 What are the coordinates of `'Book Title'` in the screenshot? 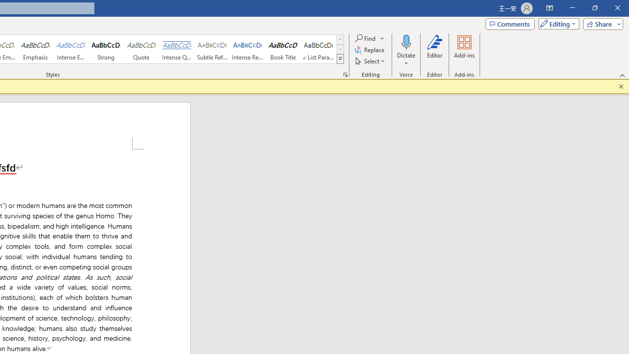 It's located at (283, 49).